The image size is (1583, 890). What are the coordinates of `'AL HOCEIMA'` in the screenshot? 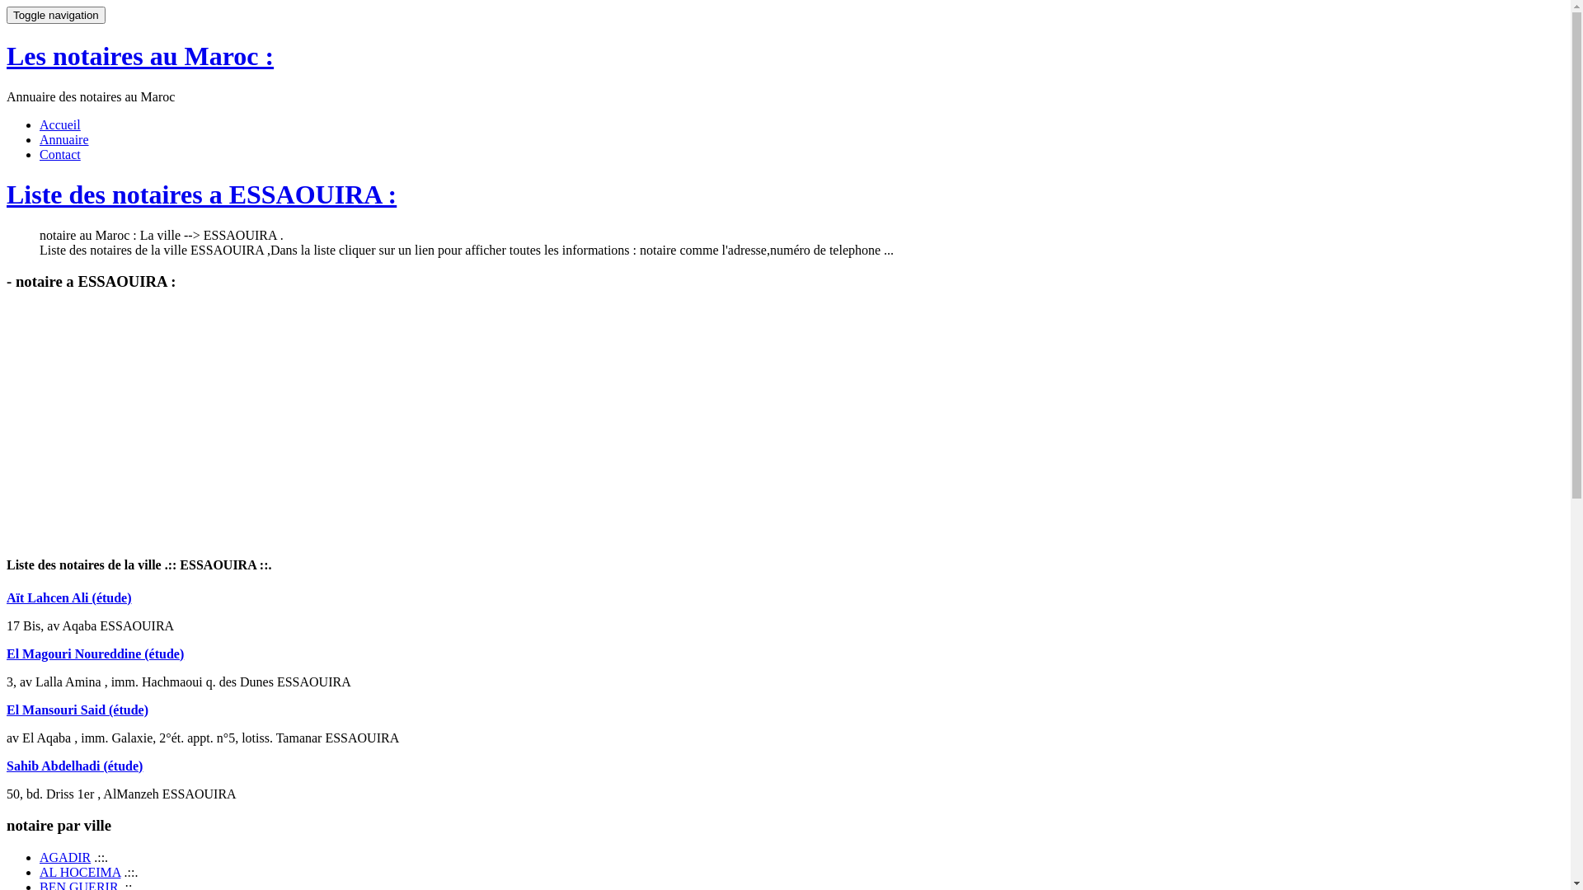 It's located at (79, 871).